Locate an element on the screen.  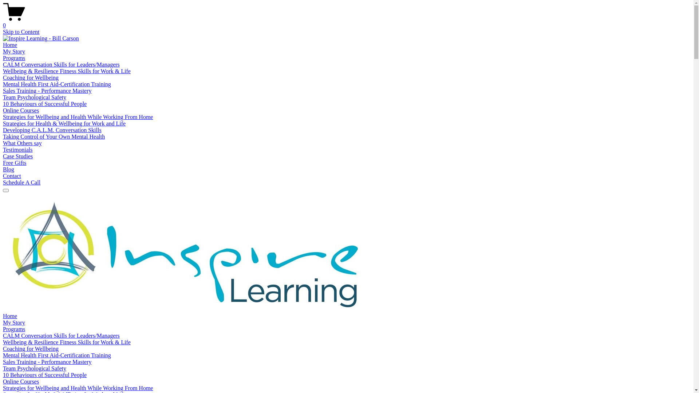
'Sales Training - Performance Mastery' is located at coordinates (47, 90).